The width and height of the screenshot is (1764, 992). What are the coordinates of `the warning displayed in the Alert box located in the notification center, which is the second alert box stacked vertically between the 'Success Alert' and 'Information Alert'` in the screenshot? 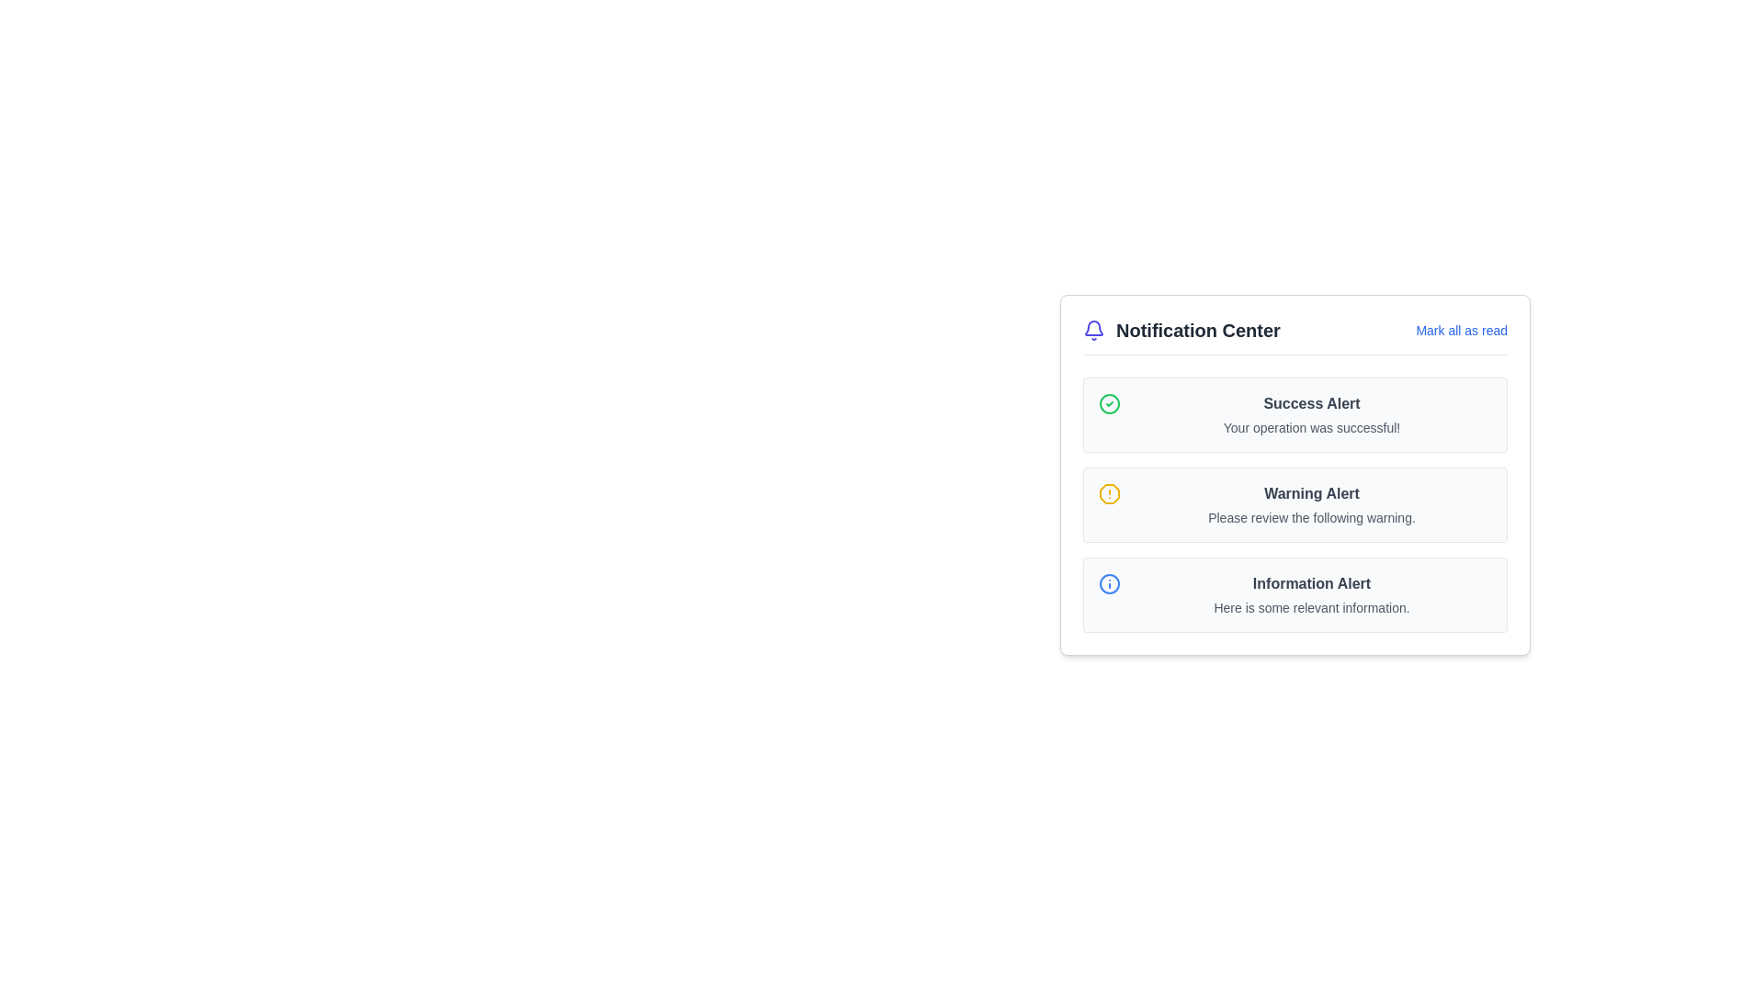 It's located at (1295, 505).